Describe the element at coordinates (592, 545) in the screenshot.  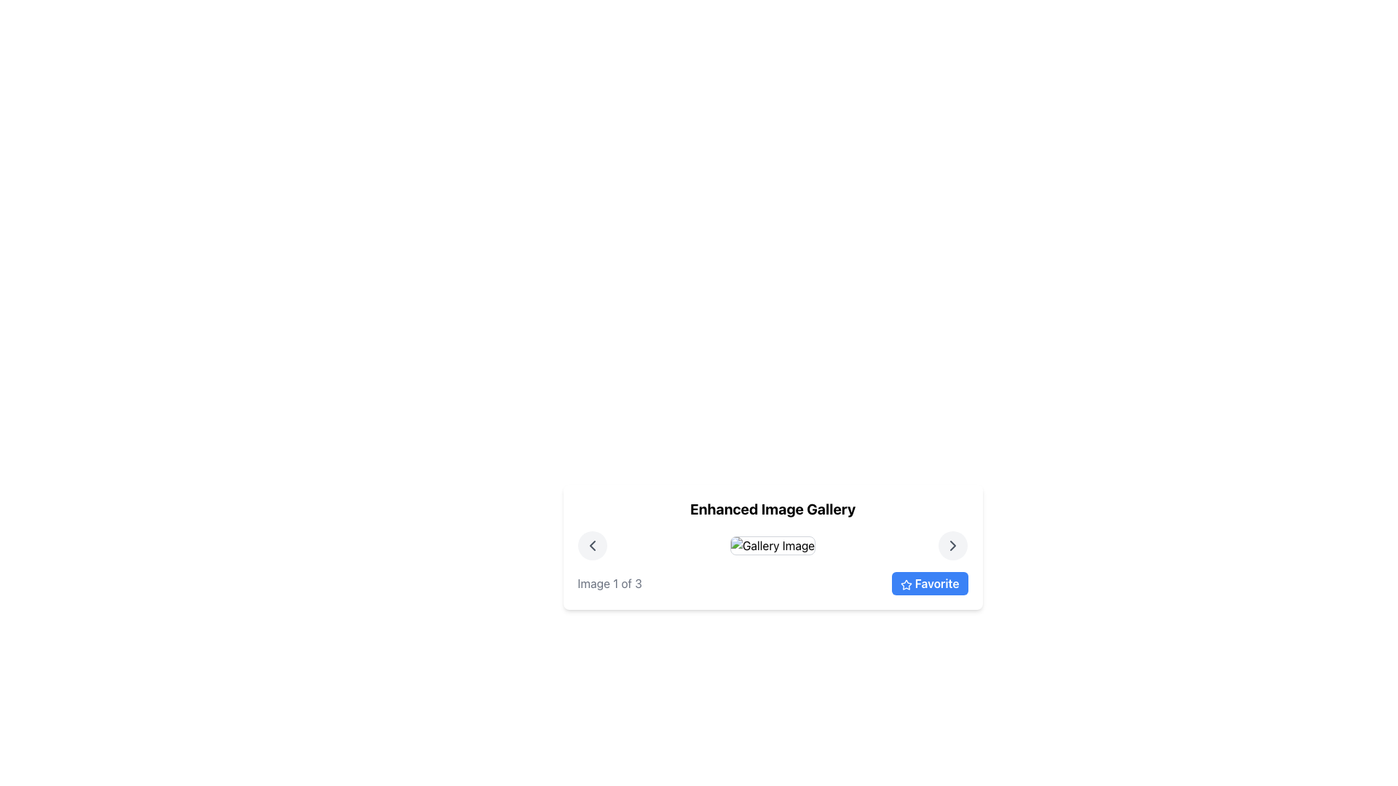
I see `the Chevron Left icon located at the leftmost side of the gallery navigation interface` at that location.